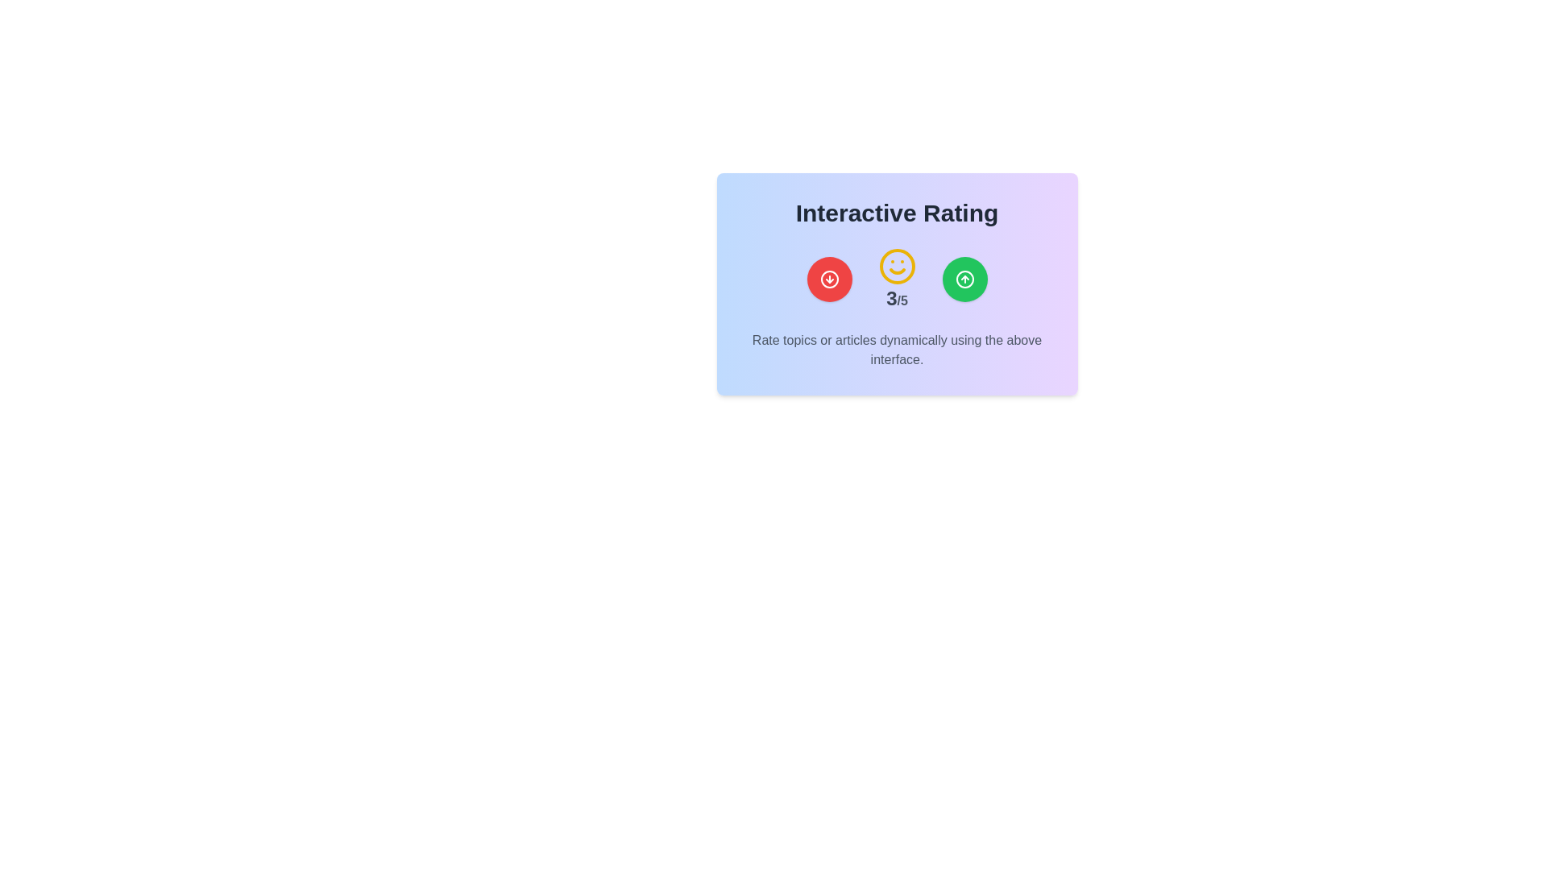 The image size is (1547, 870). Describe the element at coordinates (896, 279) in the screenshot. I see `the Rating Display Component, which is centered on a smiling emoji icon with a yellow outline circle and displays the text '3/5' below it` at that location.